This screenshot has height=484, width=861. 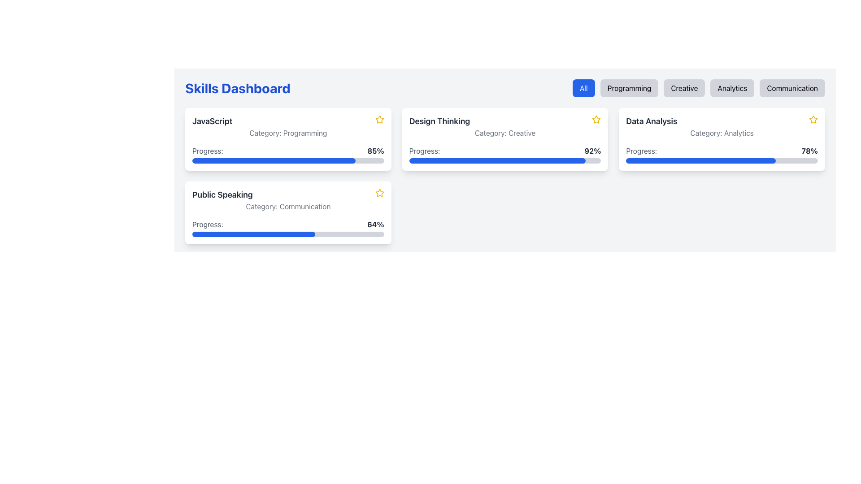 I want to click on the star icon located to the right of the 'Data Analysis' section's title to mark it as a favorite, so click(x=813, y=119).